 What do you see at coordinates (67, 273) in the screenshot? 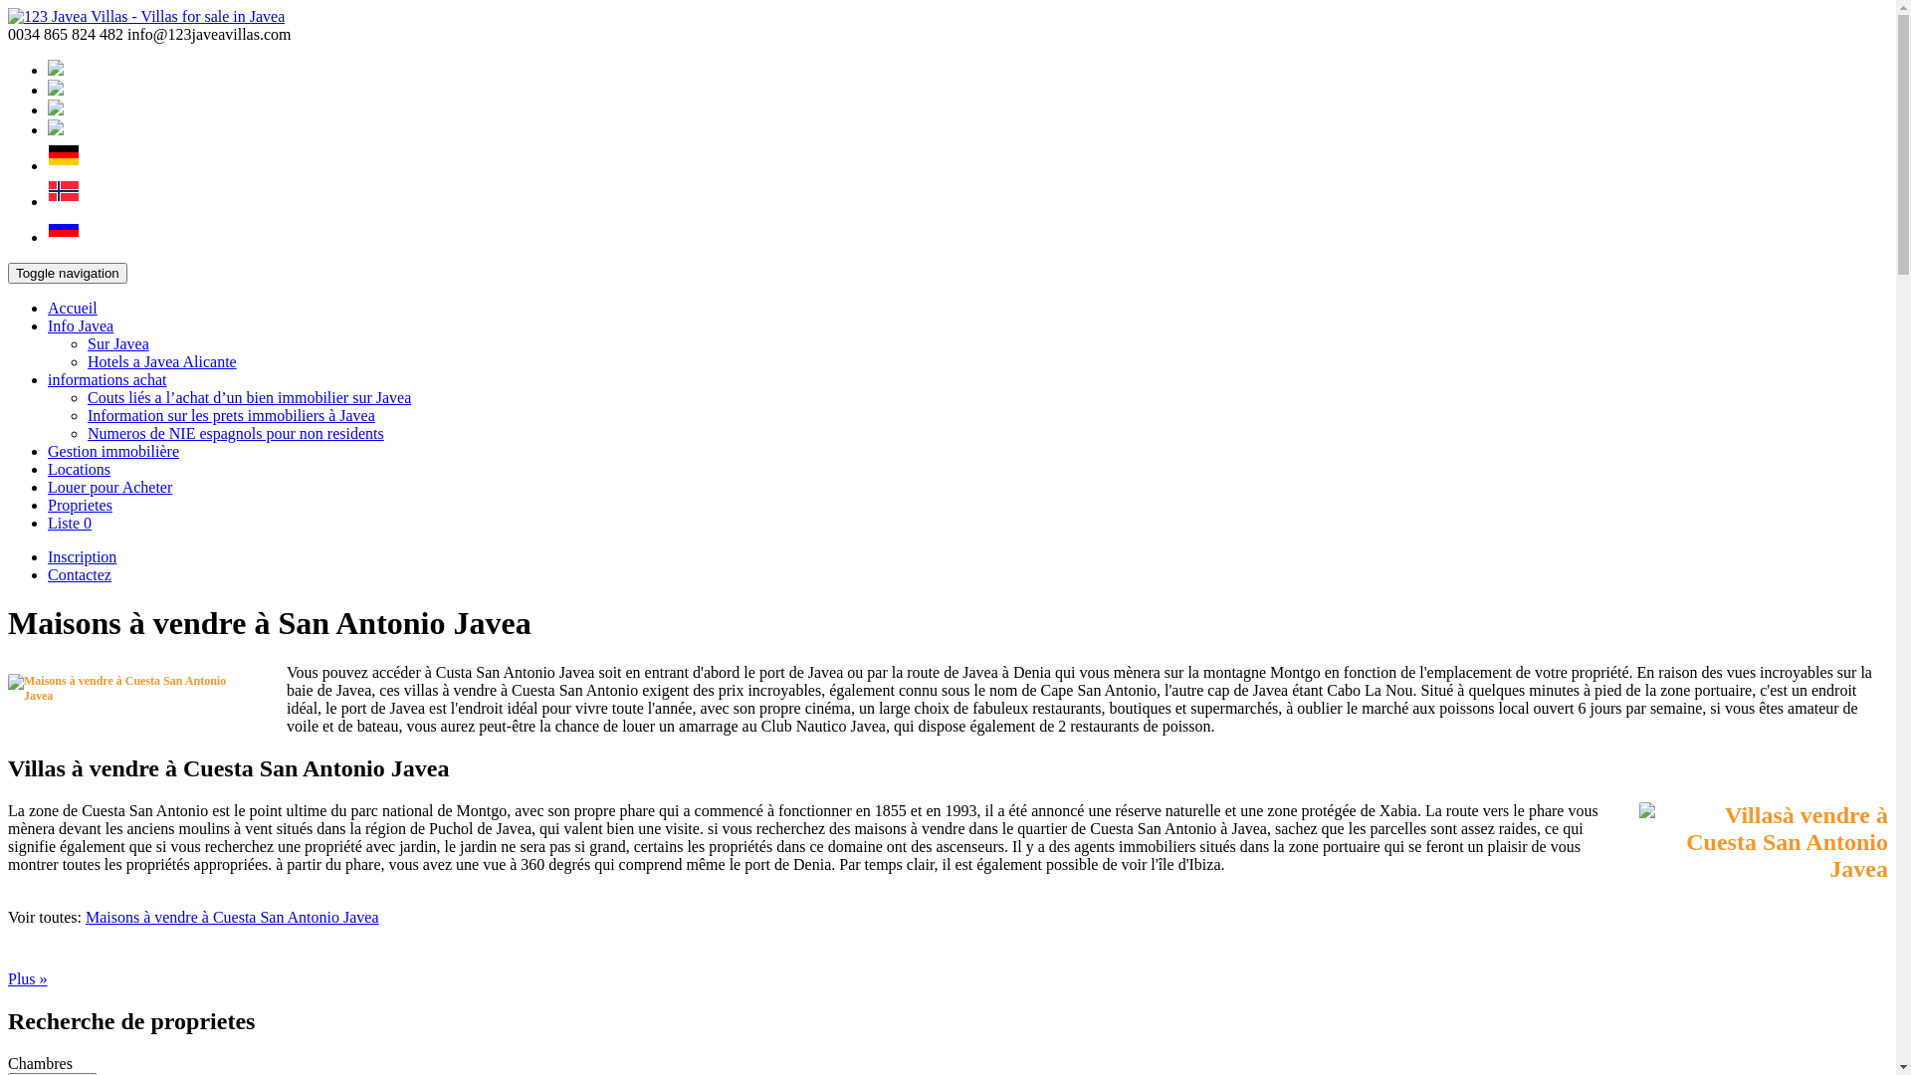
I see `'Toggle navigation'` at bounding box center [67, 273].